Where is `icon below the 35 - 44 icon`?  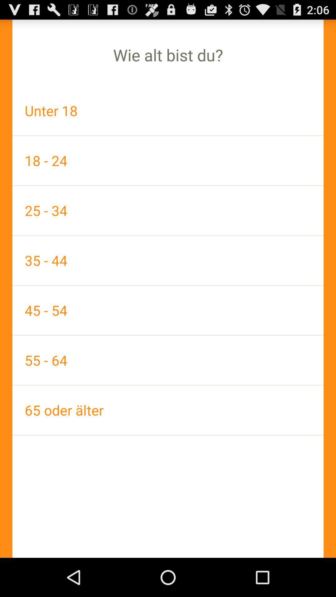
icon below the 35 - 44 icon is located at coordinates (168, 310).